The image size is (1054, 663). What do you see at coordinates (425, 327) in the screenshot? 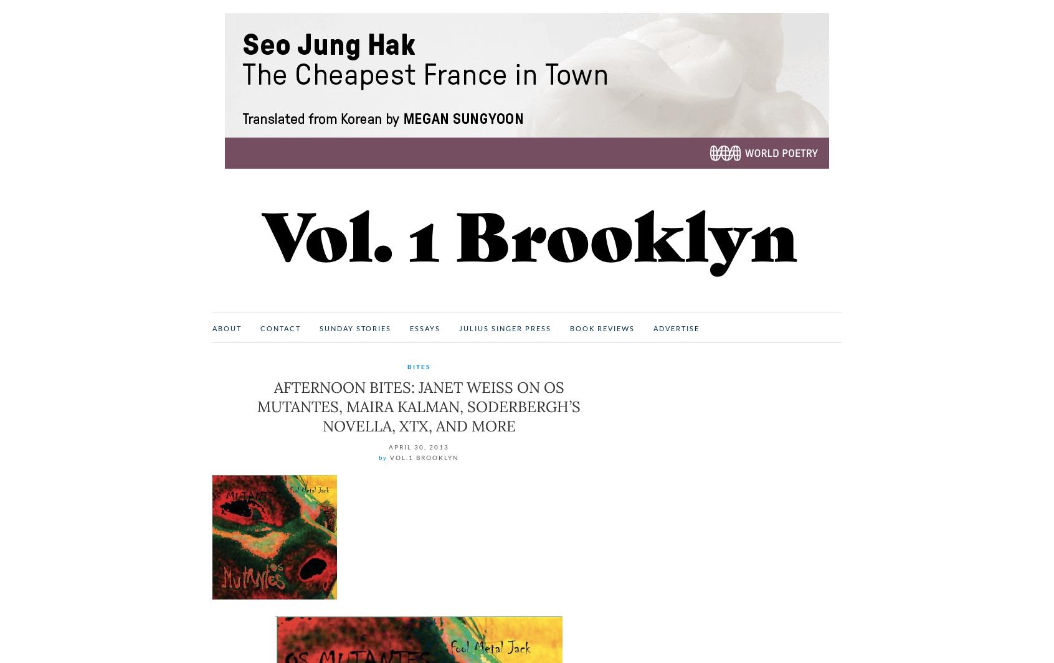
I see `'Essays'` at bounding box center [425, 327].